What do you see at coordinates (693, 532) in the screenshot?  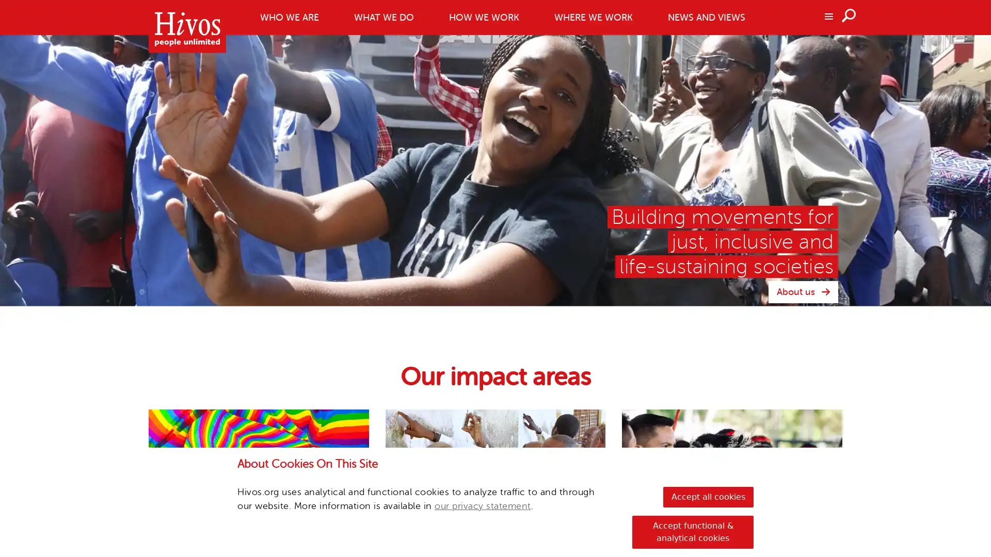 I see `Accept functional & analytical cookies` at bounding box center [693, 532].